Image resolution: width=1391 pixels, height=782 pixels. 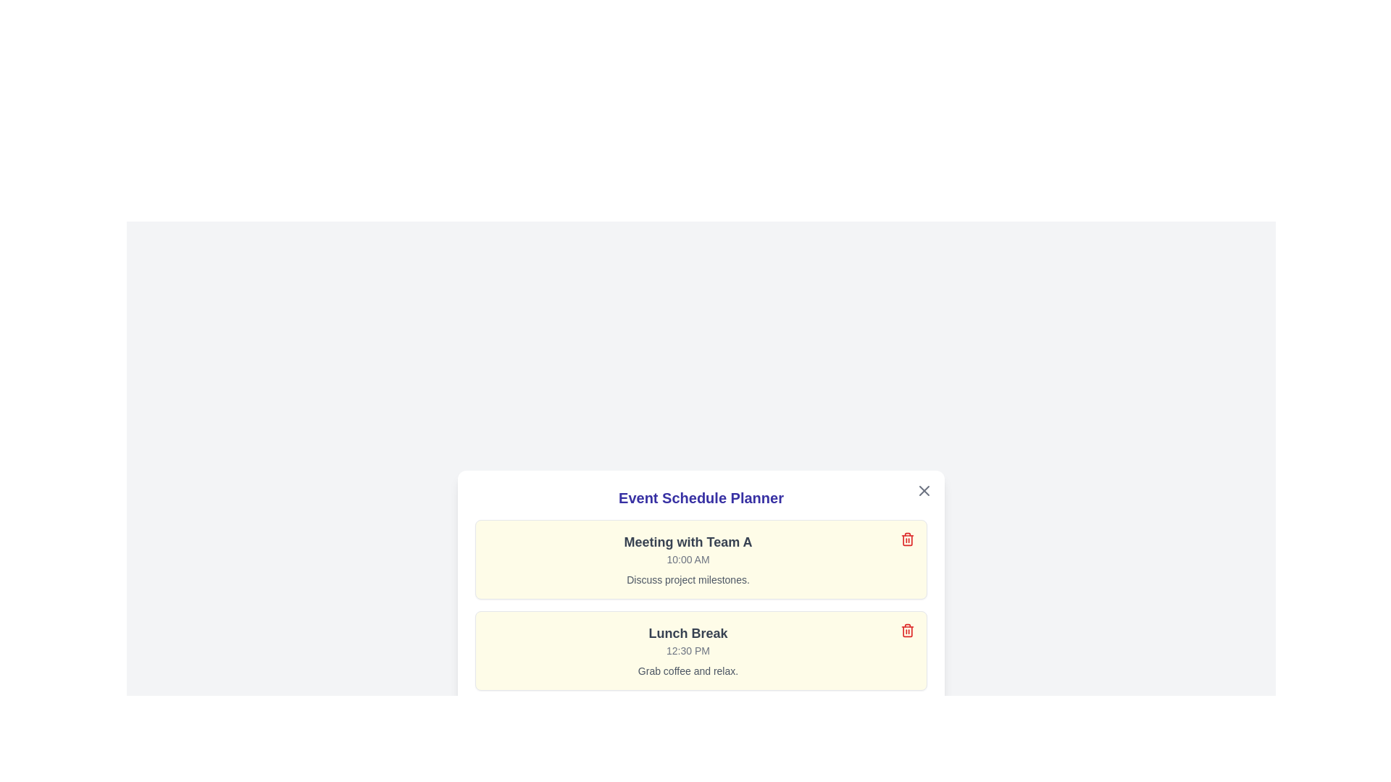 What do you see at coordinates (688, 670) in the screenshot?
I see `the static text element displaying 'Grab coffee and relax.' located at the bottom of the 'Lunch Break' section in the schedule planner` at bounding box center [688, 670].